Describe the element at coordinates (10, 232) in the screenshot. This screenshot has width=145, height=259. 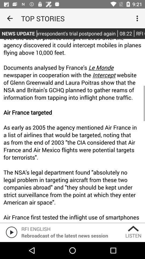
I see `the play icon` at that location.